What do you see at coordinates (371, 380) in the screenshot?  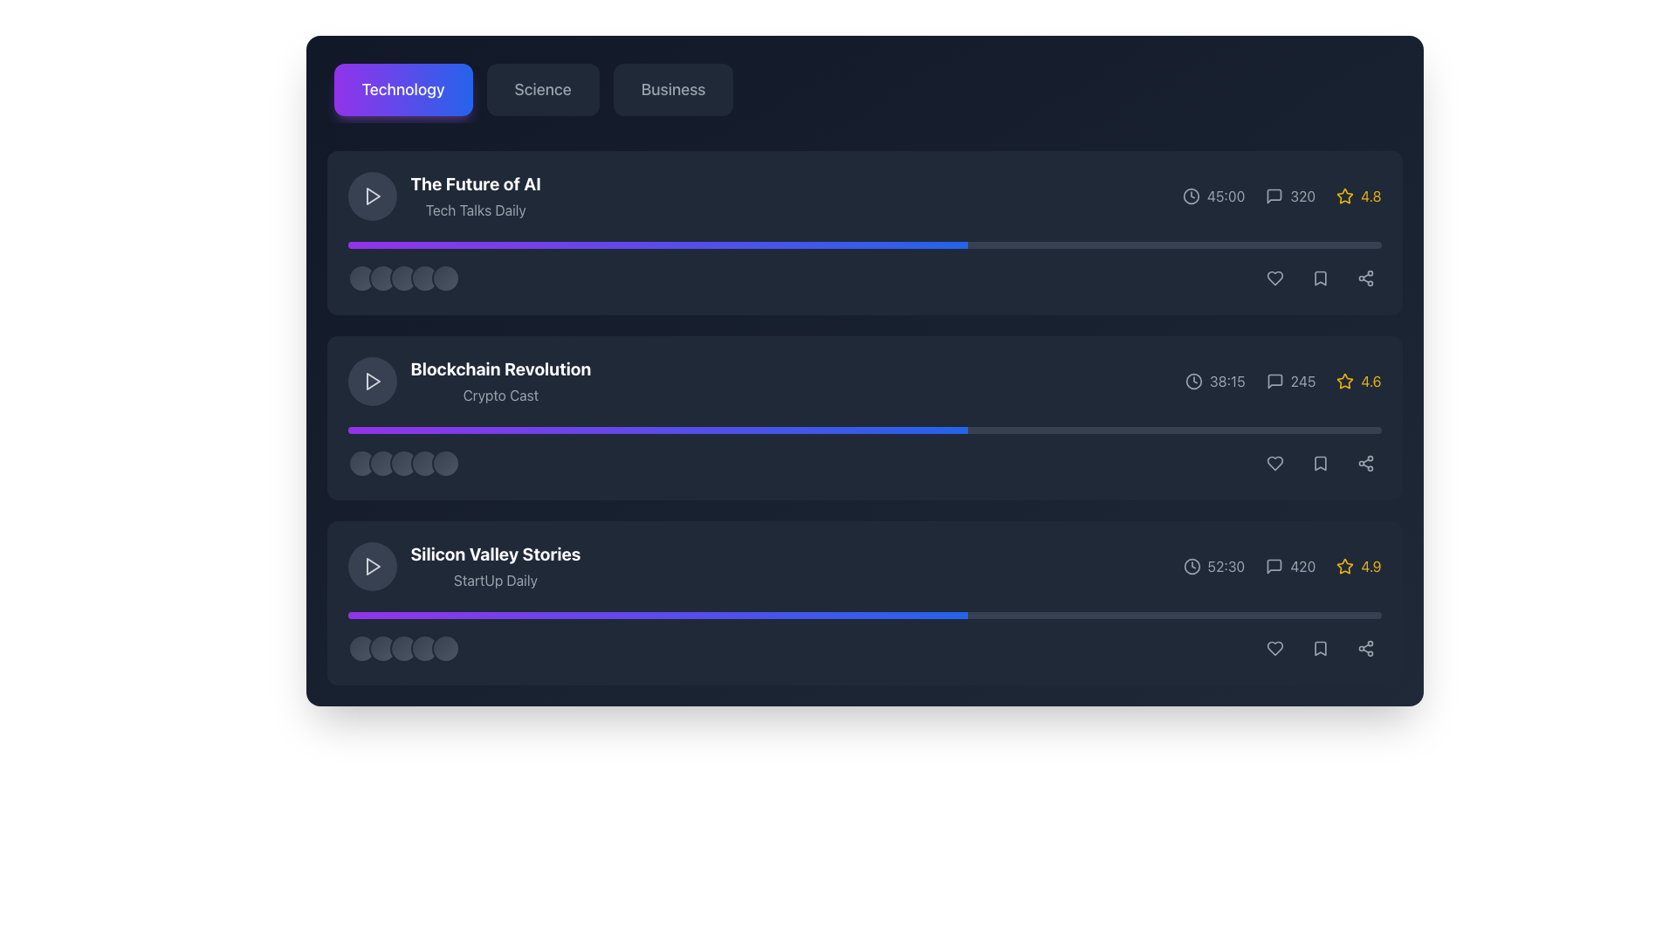 I see `the triangular play button icon located in the top-left corner of the second media item in a vertical list` at bounding box center [371, 380].